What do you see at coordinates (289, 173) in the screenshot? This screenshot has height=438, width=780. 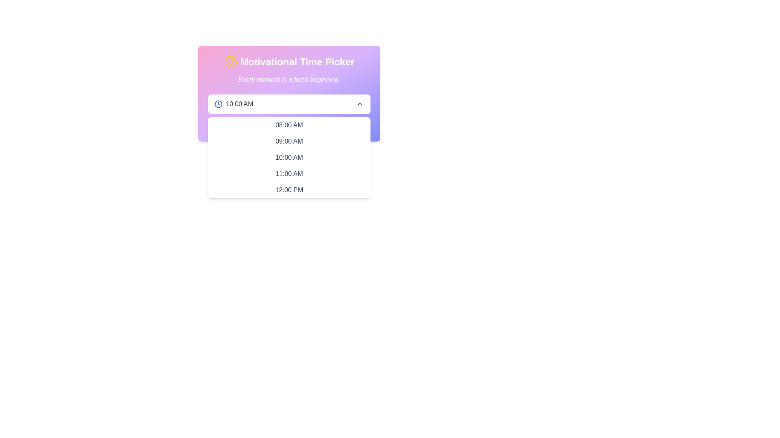 I see `the selectable text in the dropdown menu reading '11:00 AM'` at bounding box center [289, 173].